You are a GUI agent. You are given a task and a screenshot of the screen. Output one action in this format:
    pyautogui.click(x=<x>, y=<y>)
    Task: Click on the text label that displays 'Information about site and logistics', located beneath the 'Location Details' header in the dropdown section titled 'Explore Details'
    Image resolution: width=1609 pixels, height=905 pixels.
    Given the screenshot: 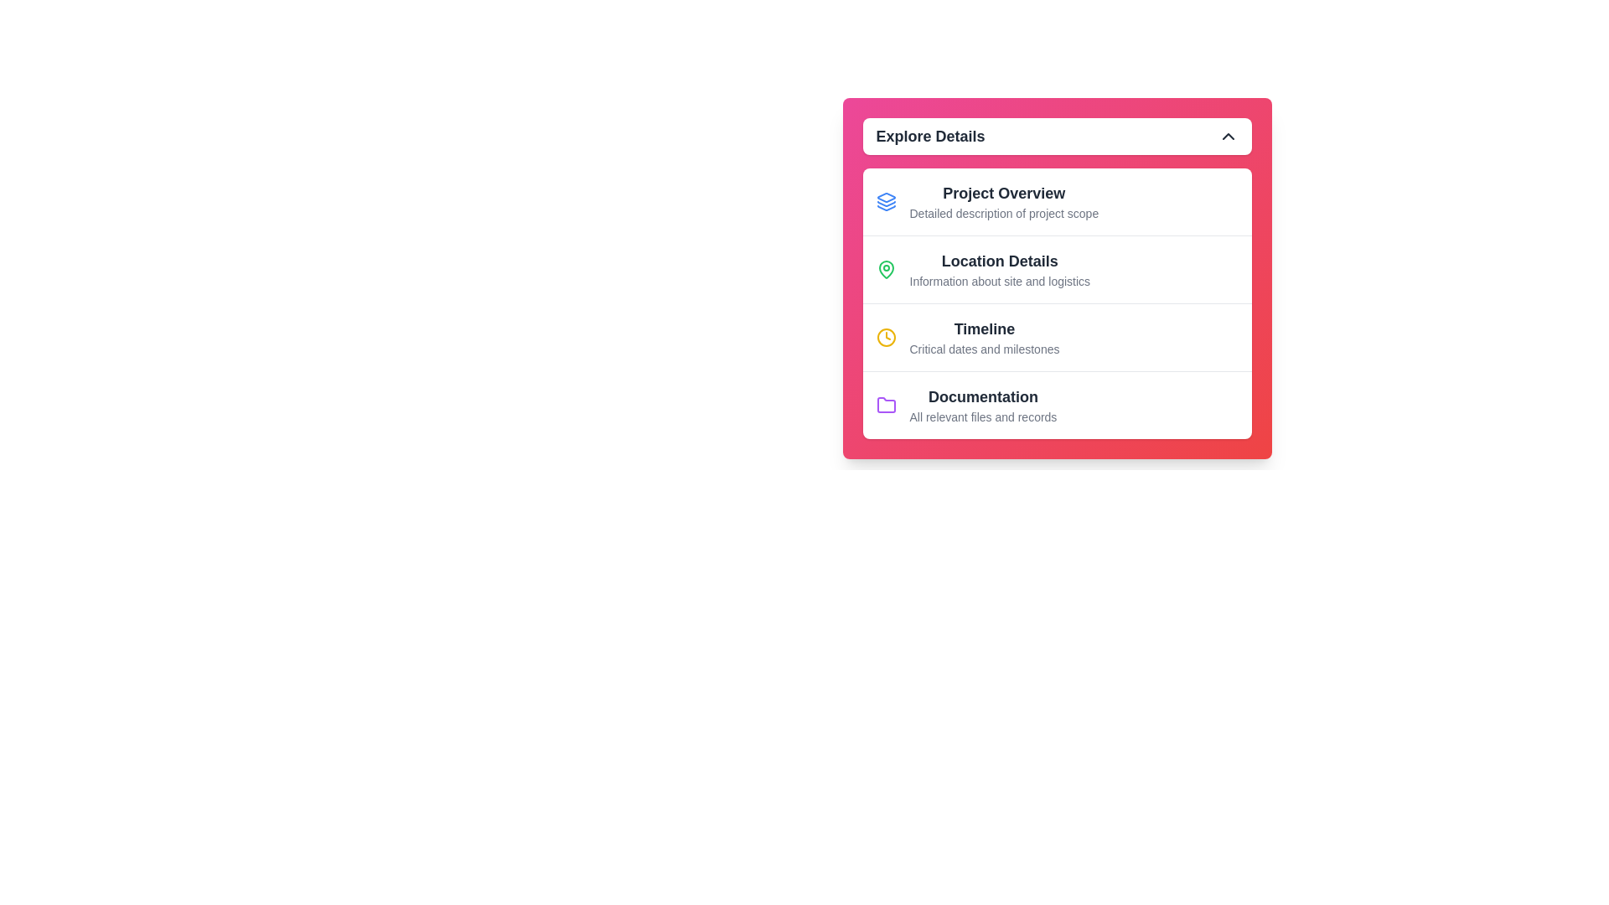 What is the action you would take?
    pyautogui.click(x=1000, y=280)
    